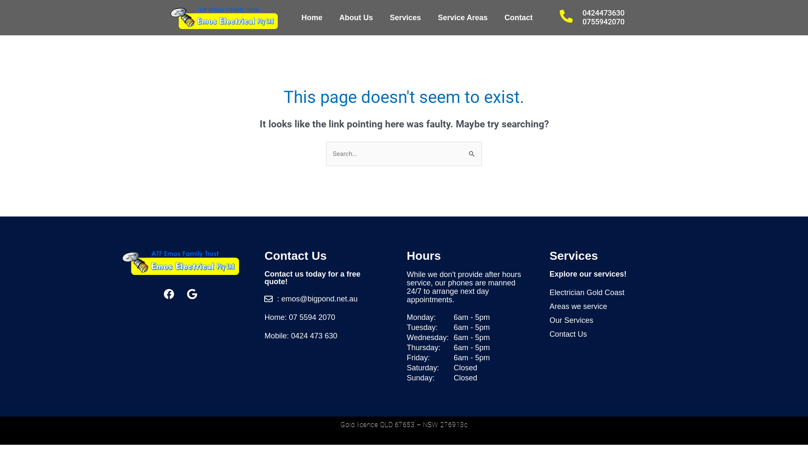 Image resolution: width=808 pixels, height=454 pixels. Describe the element at coordinates (377, 425) in the screenshot. I see `'Gold licence QLD 67653'` at that location.